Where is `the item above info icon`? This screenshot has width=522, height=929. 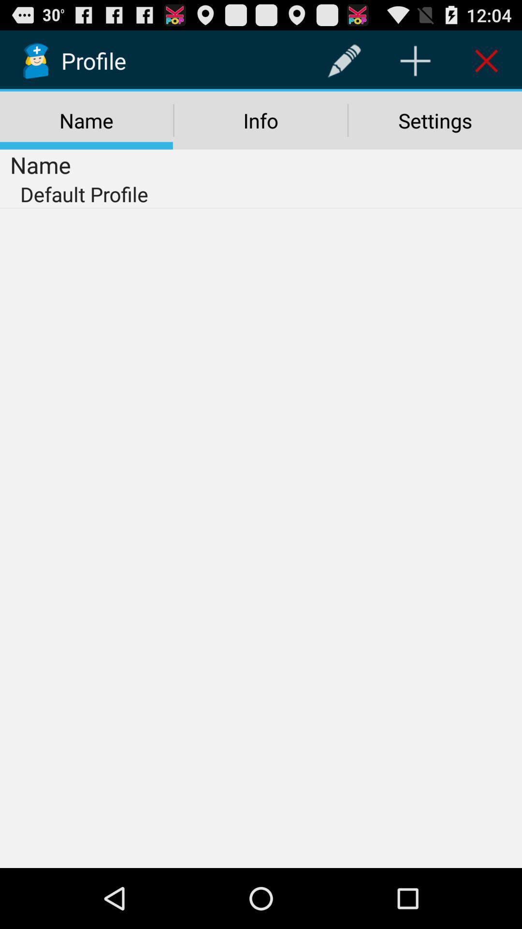
the item above info icon is located at coordinates (344, 60).